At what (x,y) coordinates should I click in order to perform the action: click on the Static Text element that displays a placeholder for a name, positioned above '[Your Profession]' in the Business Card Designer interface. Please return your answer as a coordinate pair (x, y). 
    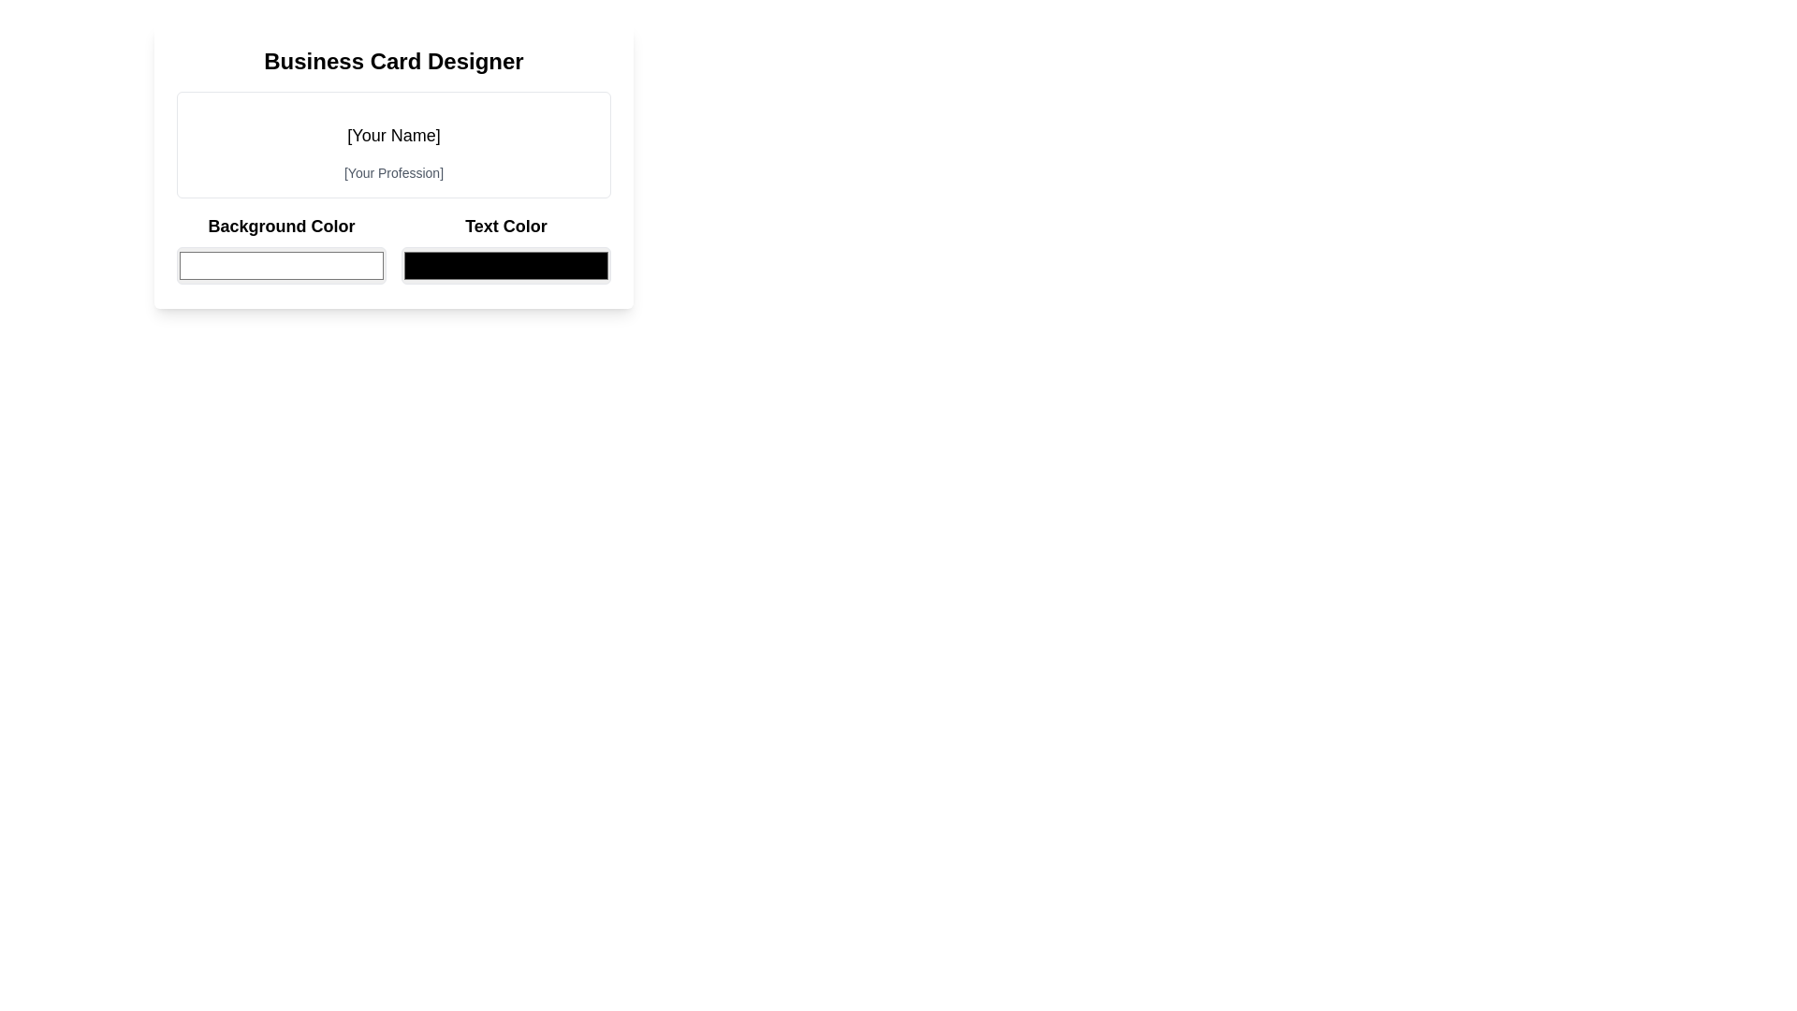
    Looking at the image, I should click on (393, 135).